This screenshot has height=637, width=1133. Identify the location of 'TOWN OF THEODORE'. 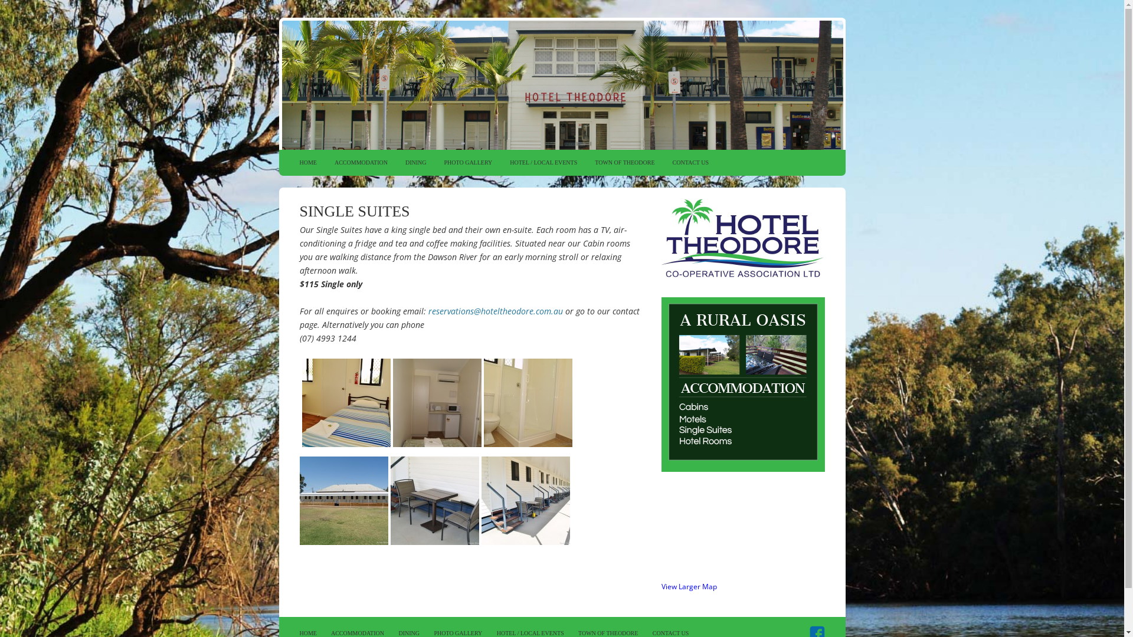
(608, 632).